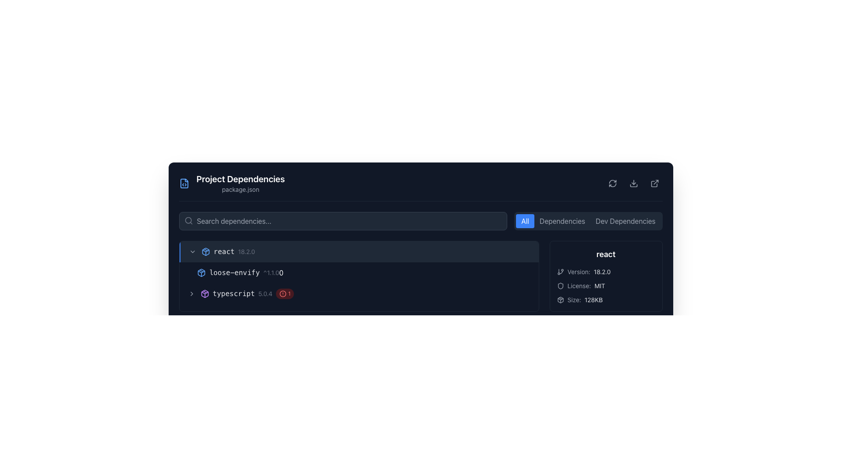 Image resolution: width=841 pixels, height=473 pixels. What do you see at coordinates (192, 251) in the screenshot?
I see `the chevron icon on the right side of the 'react 18.2.0' list item` at bounding box center [192, 251].